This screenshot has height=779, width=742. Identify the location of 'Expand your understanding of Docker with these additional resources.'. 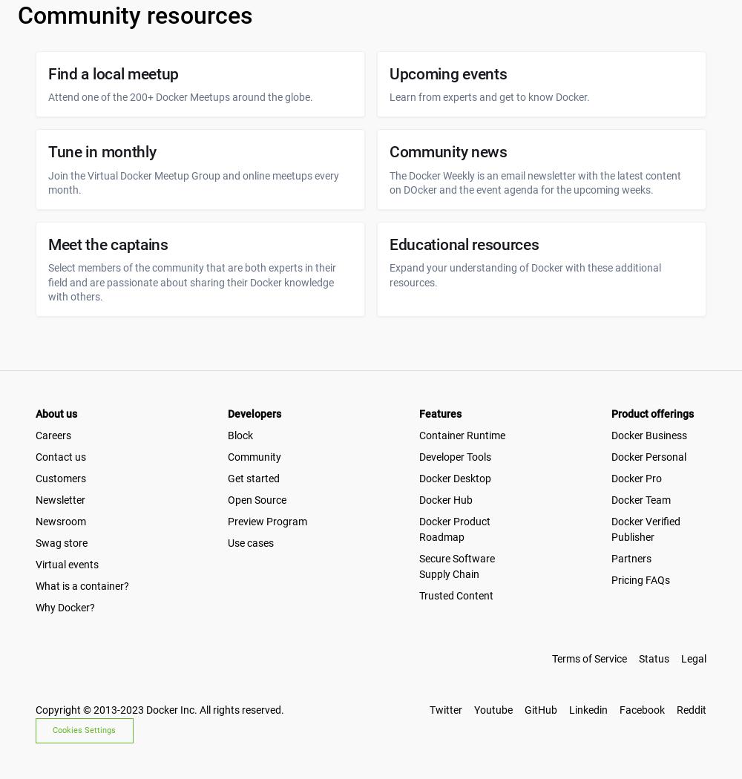
(525, 274).